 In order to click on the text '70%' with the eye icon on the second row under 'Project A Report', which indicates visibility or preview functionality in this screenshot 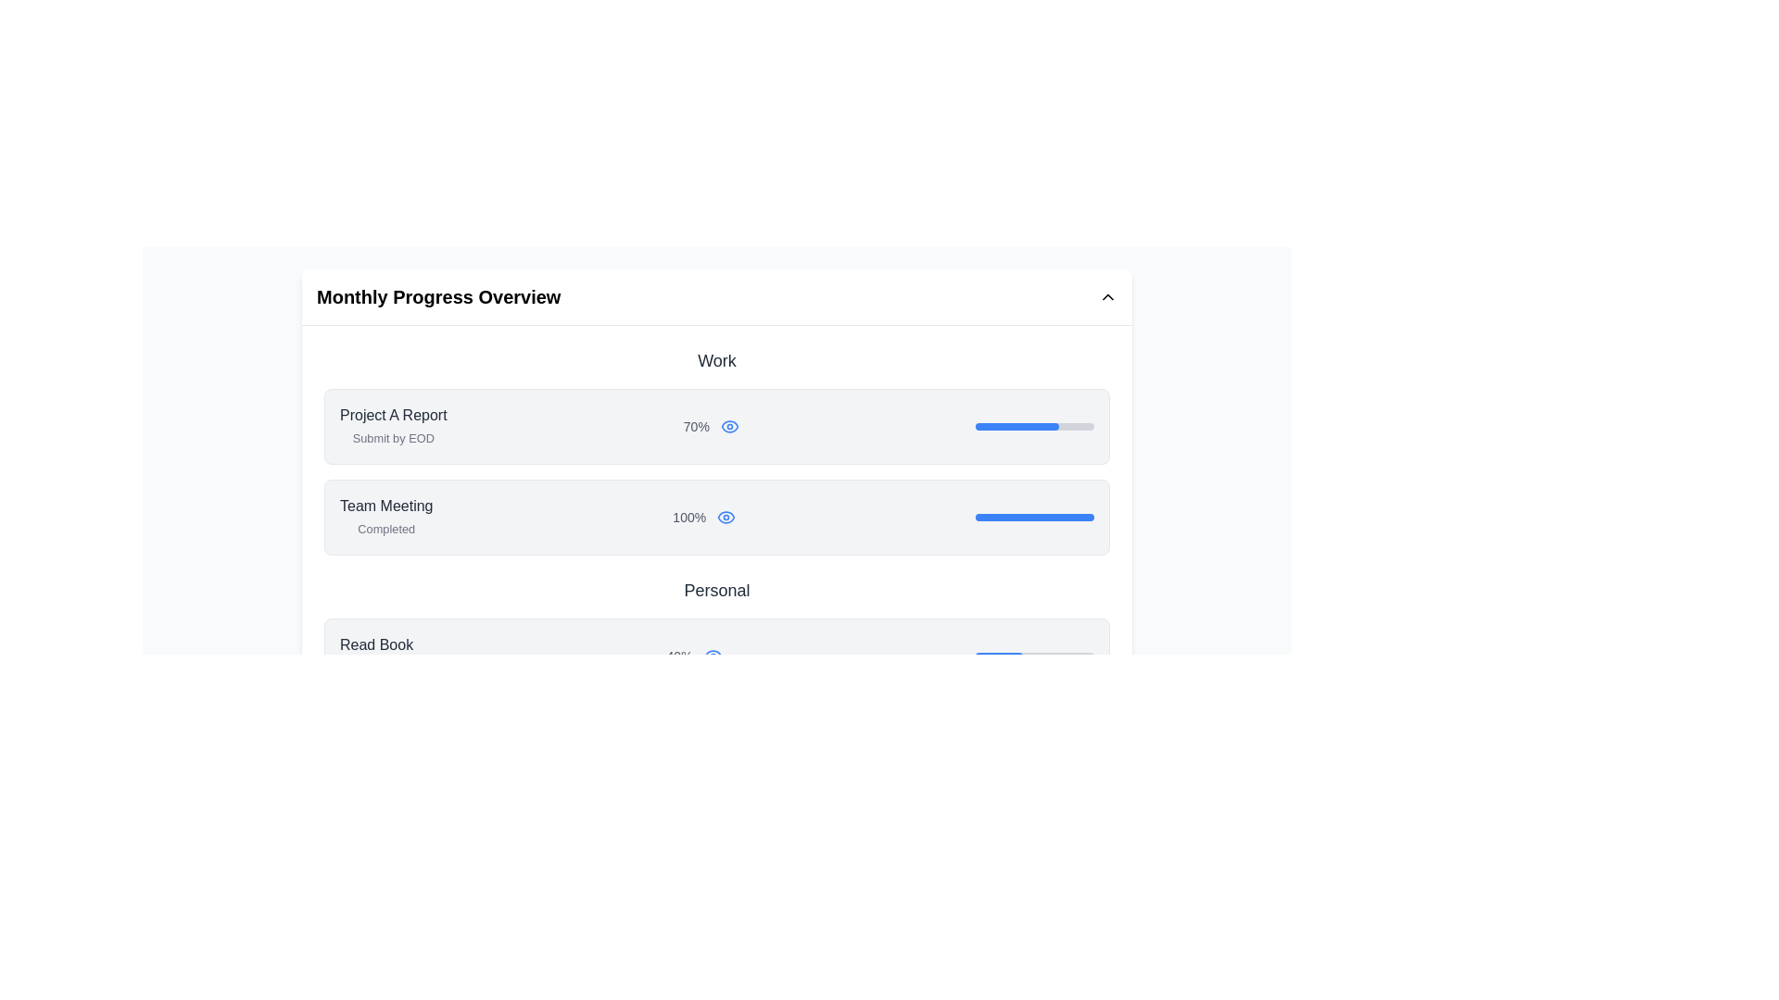, I will do `click(710, 427)`.